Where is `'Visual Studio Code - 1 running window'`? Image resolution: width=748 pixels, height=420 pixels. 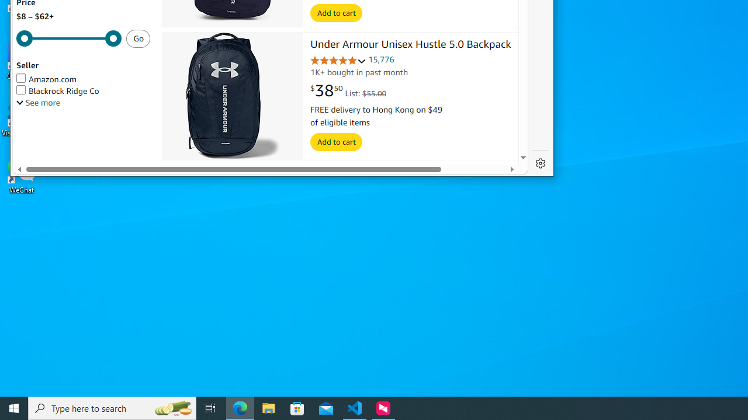 'Visual Studio Code - 1 running window' is located at coordinates (354, 407).